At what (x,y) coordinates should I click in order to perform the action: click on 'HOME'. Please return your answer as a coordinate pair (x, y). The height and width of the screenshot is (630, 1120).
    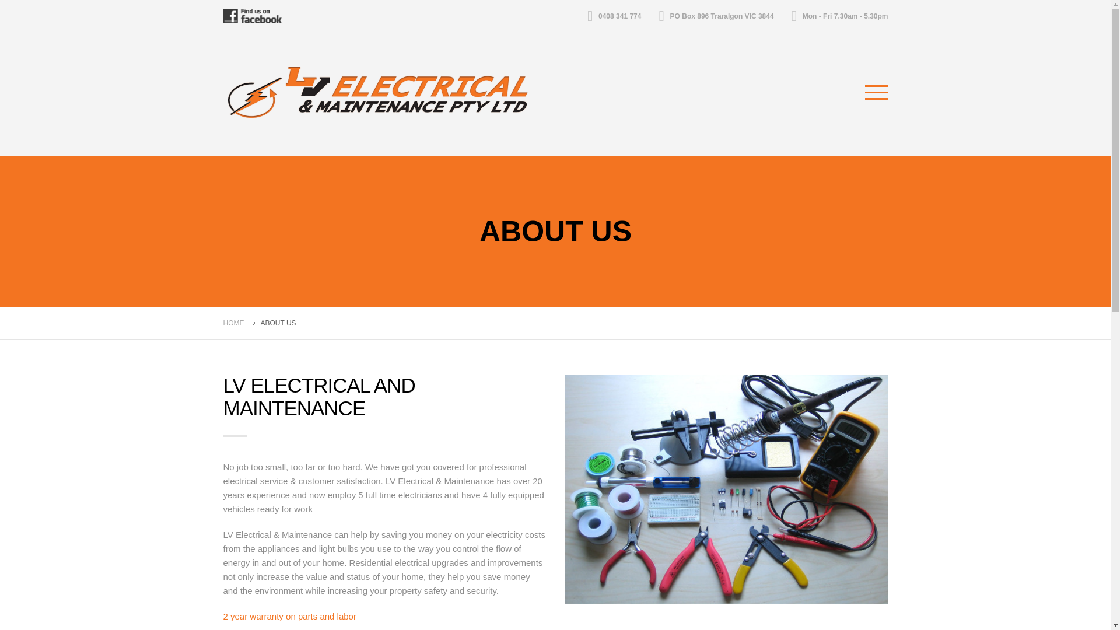
    Looking at the image, I should click on (233, 323).